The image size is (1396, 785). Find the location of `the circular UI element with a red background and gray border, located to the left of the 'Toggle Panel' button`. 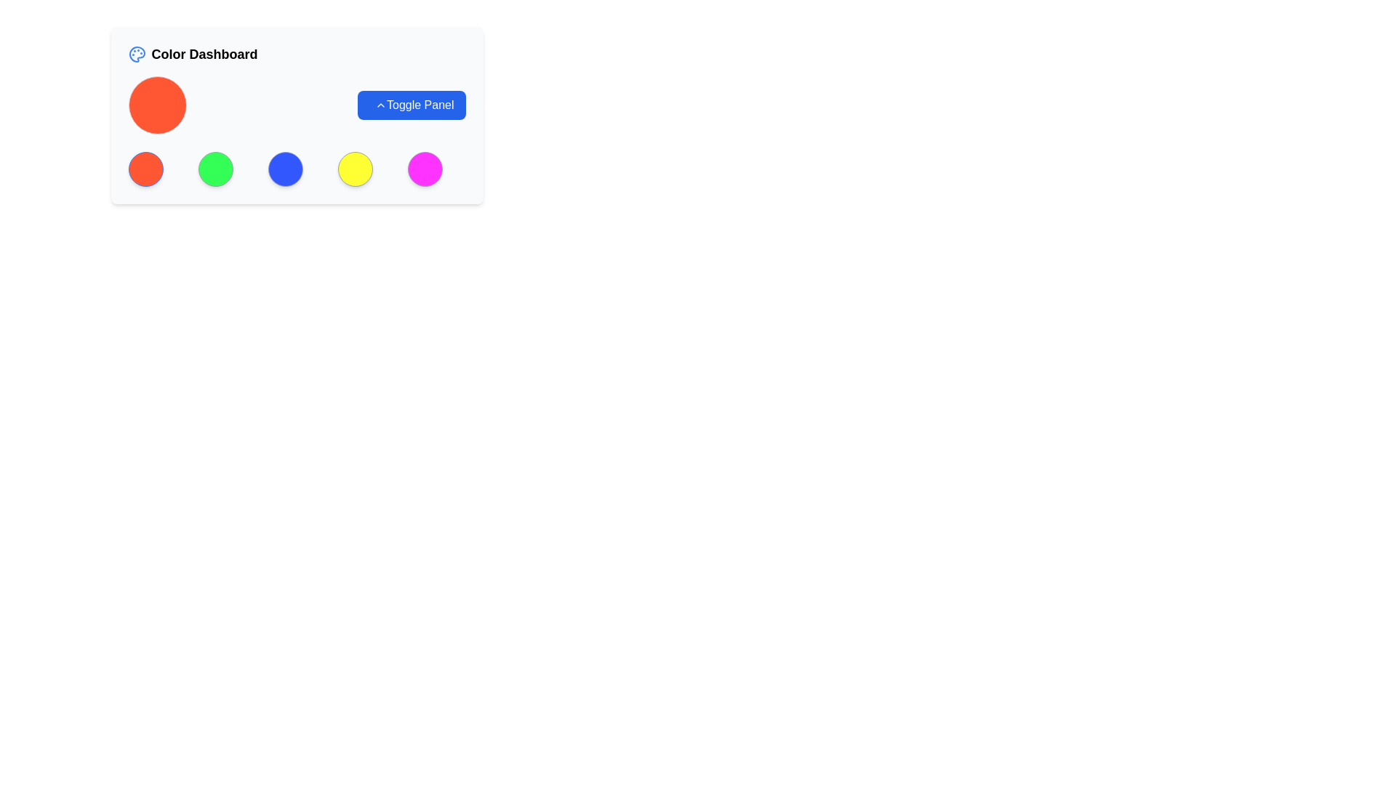

the circular UI element with a red background and gray border, located to the left of the 'Toggle Panel' button is located at coordinates (157, 105).